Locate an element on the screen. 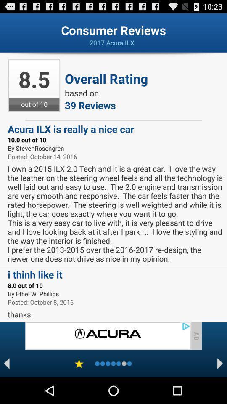 This screenshot has width=227, height=404. click advertisement is located at coordinates (108, 336).